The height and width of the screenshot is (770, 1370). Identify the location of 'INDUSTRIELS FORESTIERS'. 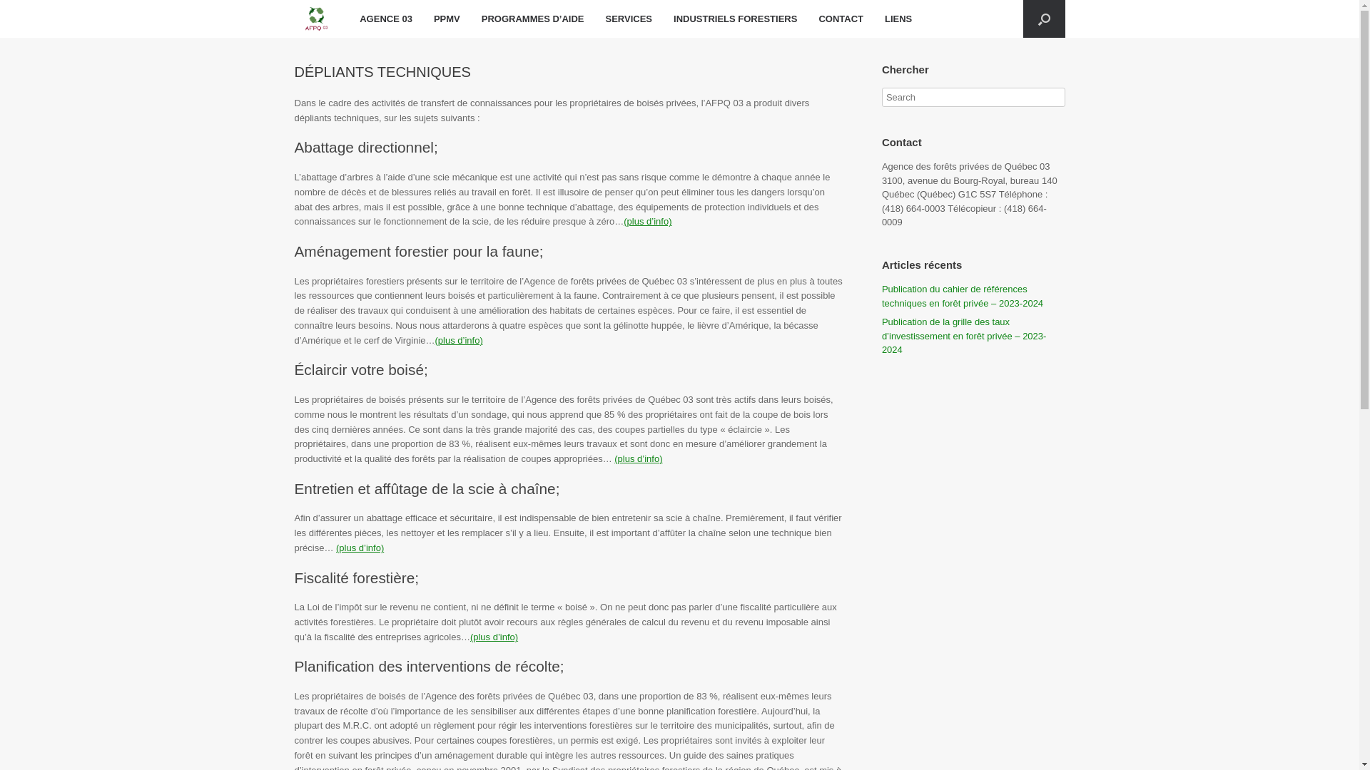
(735, 19).